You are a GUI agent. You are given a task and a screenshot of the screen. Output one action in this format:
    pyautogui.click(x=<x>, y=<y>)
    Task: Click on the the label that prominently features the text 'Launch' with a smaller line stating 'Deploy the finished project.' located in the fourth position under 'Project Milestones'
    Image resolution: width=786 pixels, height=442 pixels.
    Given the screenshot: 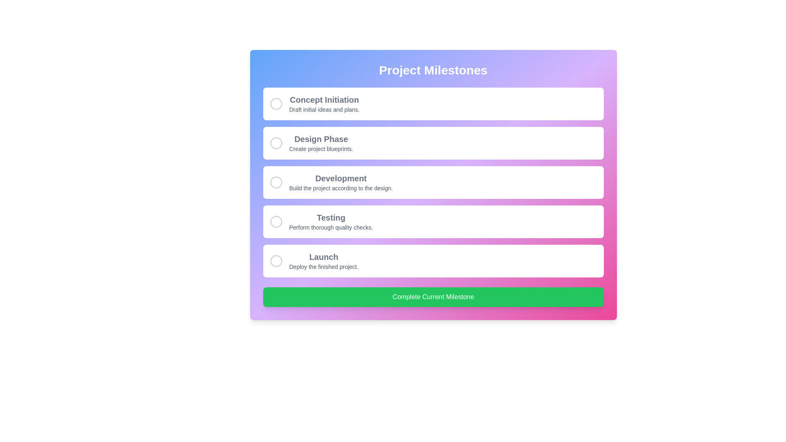 What is the action you would take?
    pyautogui.click(x=323, y=261)
    